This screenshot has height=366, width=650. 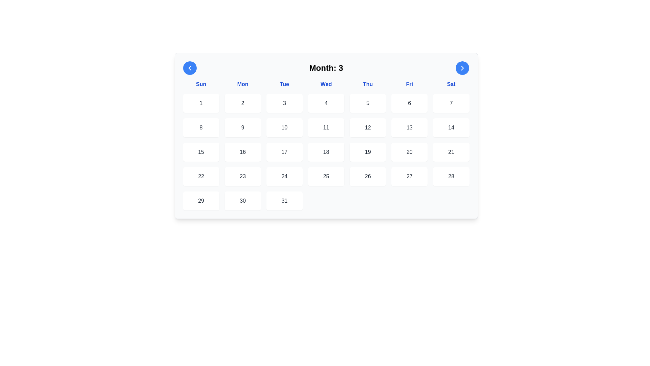 What do you see at coordinates (462, 68) in the screenshot?
I see `the Circular Button with a vibrant blue color and a white rightward arrow` at bounding box center [462, 68].